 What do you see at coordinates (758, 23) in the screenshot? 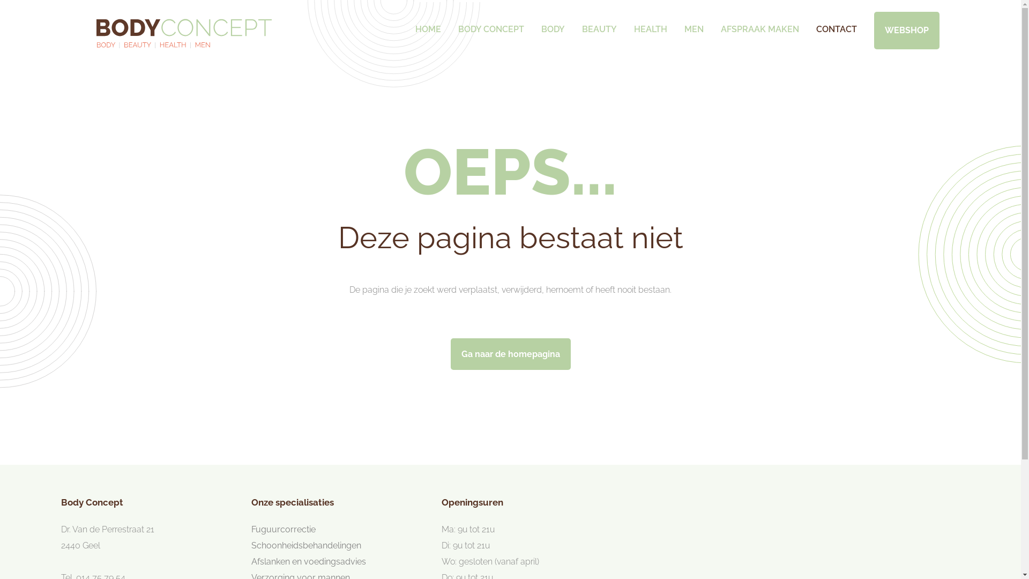
I see `'AFSPRAAK MAKEN'` at bounding box center [758, 23].